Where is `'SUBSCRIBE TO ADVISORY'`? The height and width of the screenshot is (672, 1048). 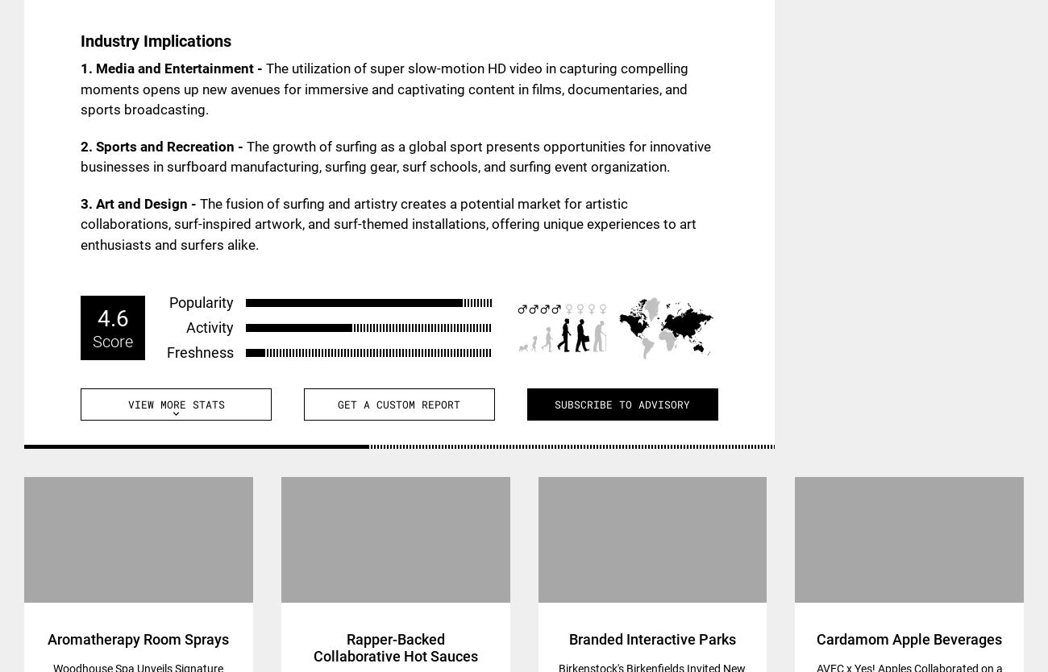 'SUBSCRIBE TO ADVISORY' is located at coordinates (621, 403).